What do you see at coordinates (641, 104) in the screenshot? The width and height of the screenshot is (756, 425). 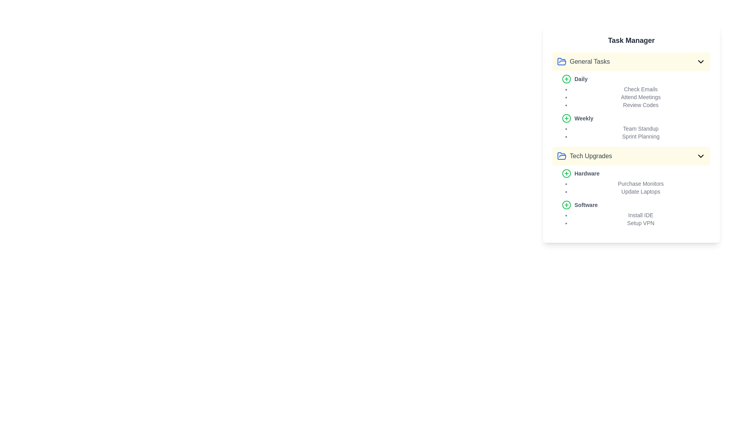 I see `the text label displaying 'Review Codes' in dark gray within the 'Daily' subsection of the task management layout` at bounding box center [641, 104].